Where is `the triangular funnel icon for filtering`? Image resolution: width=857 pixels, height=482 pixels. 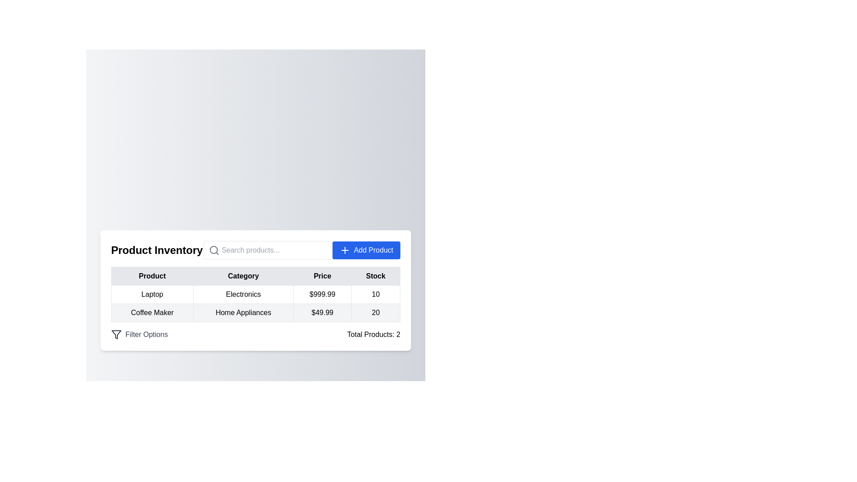 the triangular funnel icon for filtering is located at coordinates (116, 334).